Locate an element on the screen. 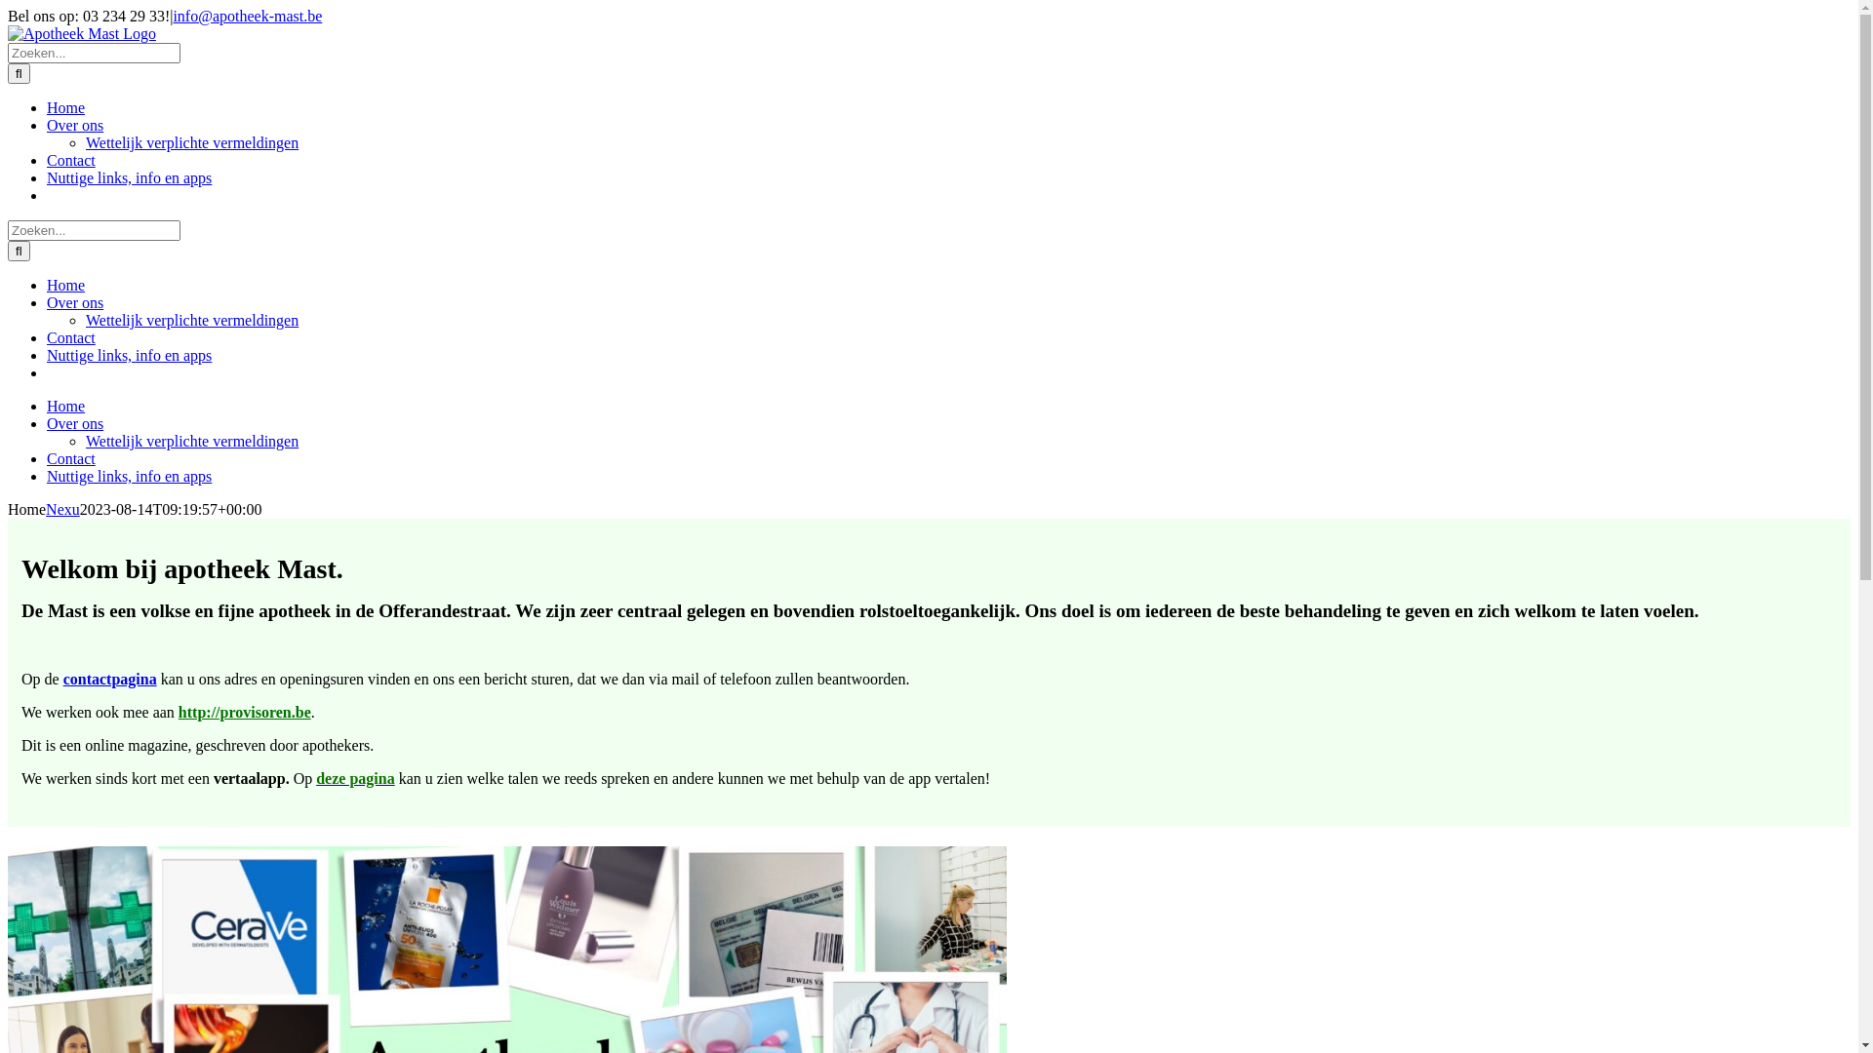 Image resolution: width=1873 pixels, height=1053 pixels. 'Nuttige links, info en apps' is located at coordinates (128, 476).